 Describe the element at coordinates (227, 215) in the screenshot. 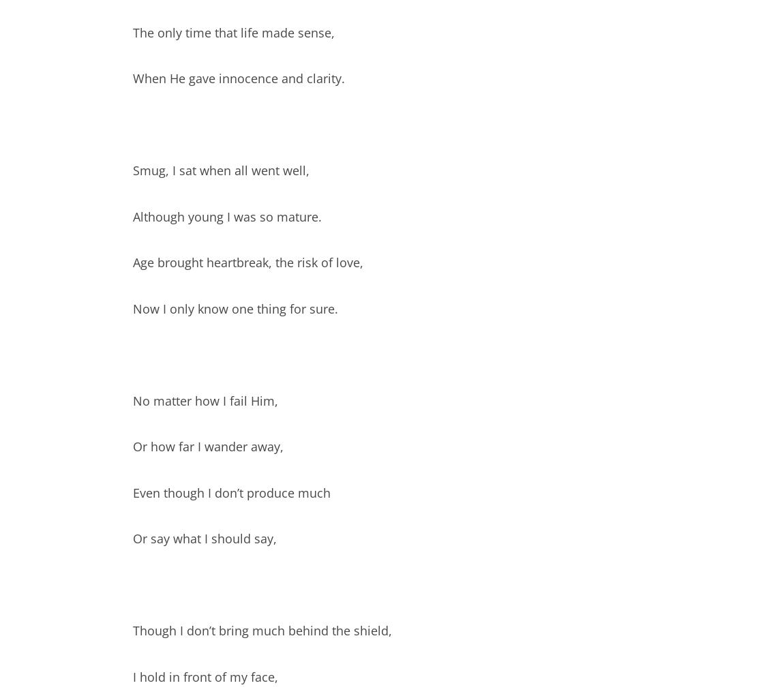

I see `'Although young I was so mature.'` at that location.